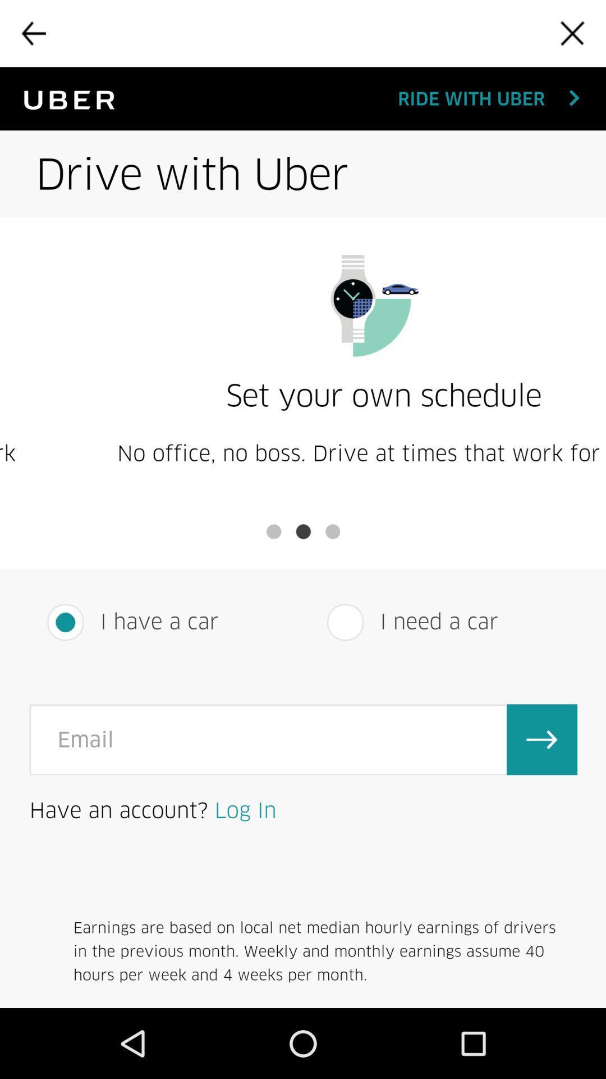  What do you see at coordinates (33, 33) in the screenshot?
I see `go back` at bounding box center [33, 33].